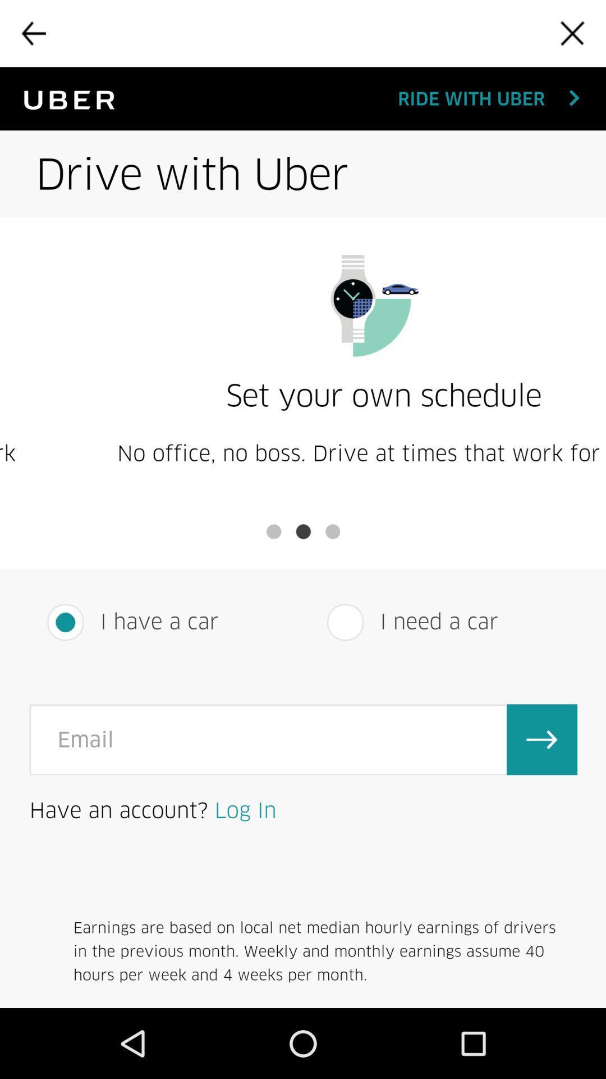  What do you see at coordinates (33, 33) in the screenshot?
I see `go back` at bounding box center [33, 33].